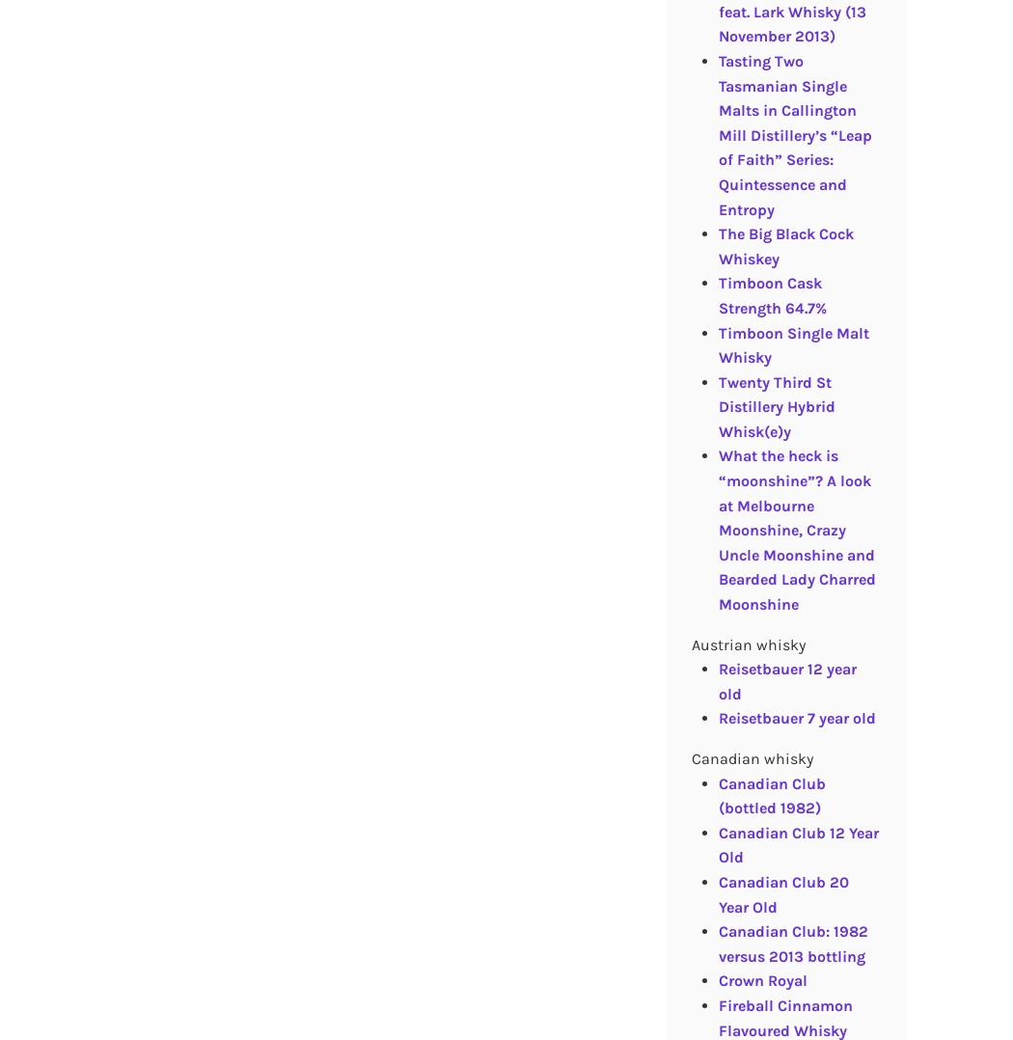  Describe the element at coordinates (791, 943) in the screenshot. I see `'Canadian Club: 1982 versus 2013 bottling'` at that location.